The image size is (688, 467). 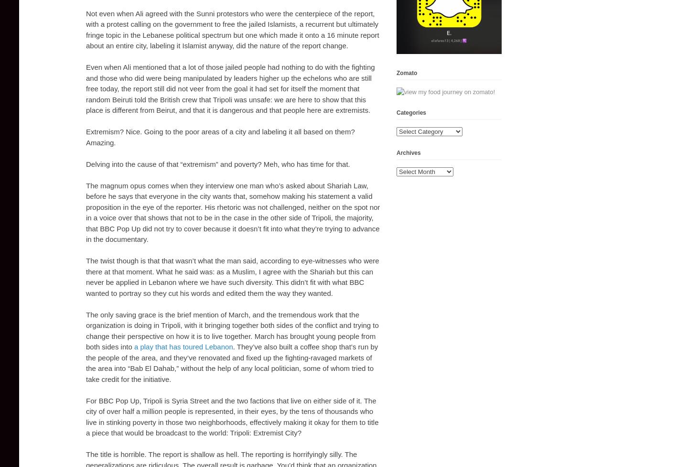 I want to click on 'Archives', so click(x=408, y=152).